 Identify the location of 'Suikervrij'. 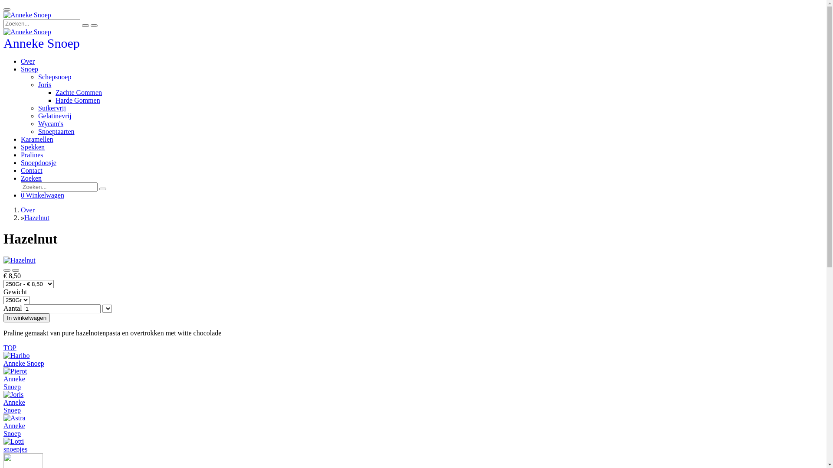
(37, 107).